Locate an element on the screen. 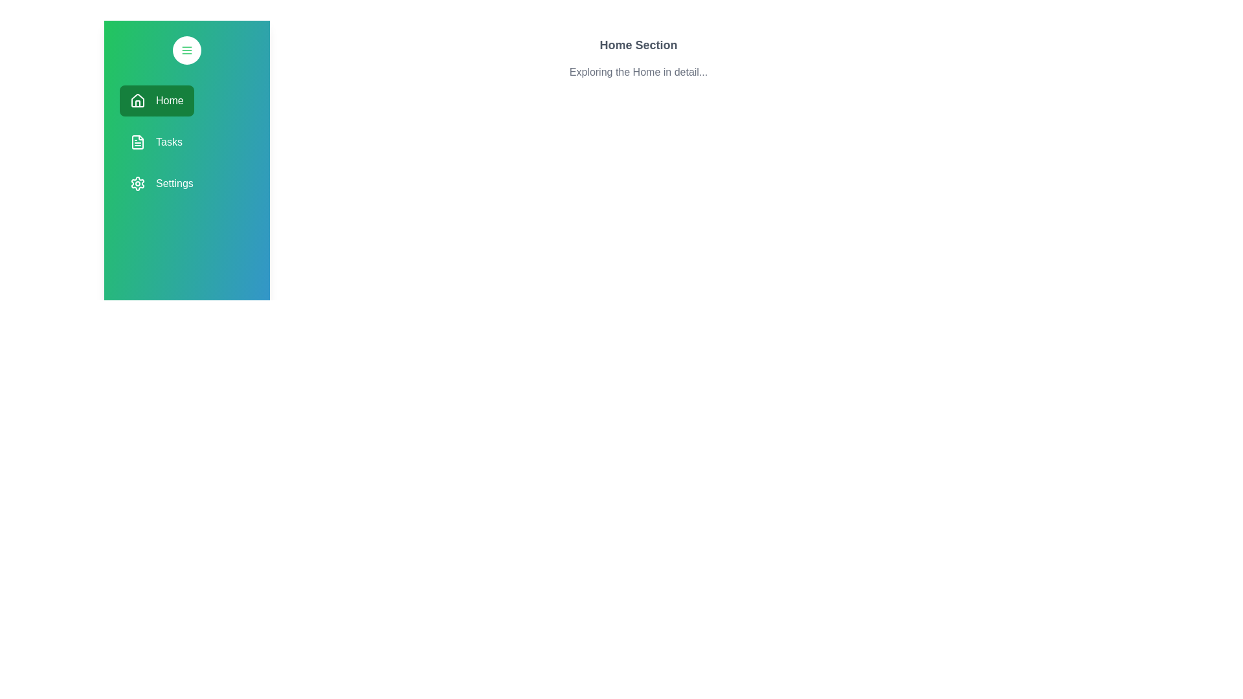  the 'Tasks' text label, which is styled with white text on a green background and is the second item in the vertical navigation menu is located at coordinates (168, 142).